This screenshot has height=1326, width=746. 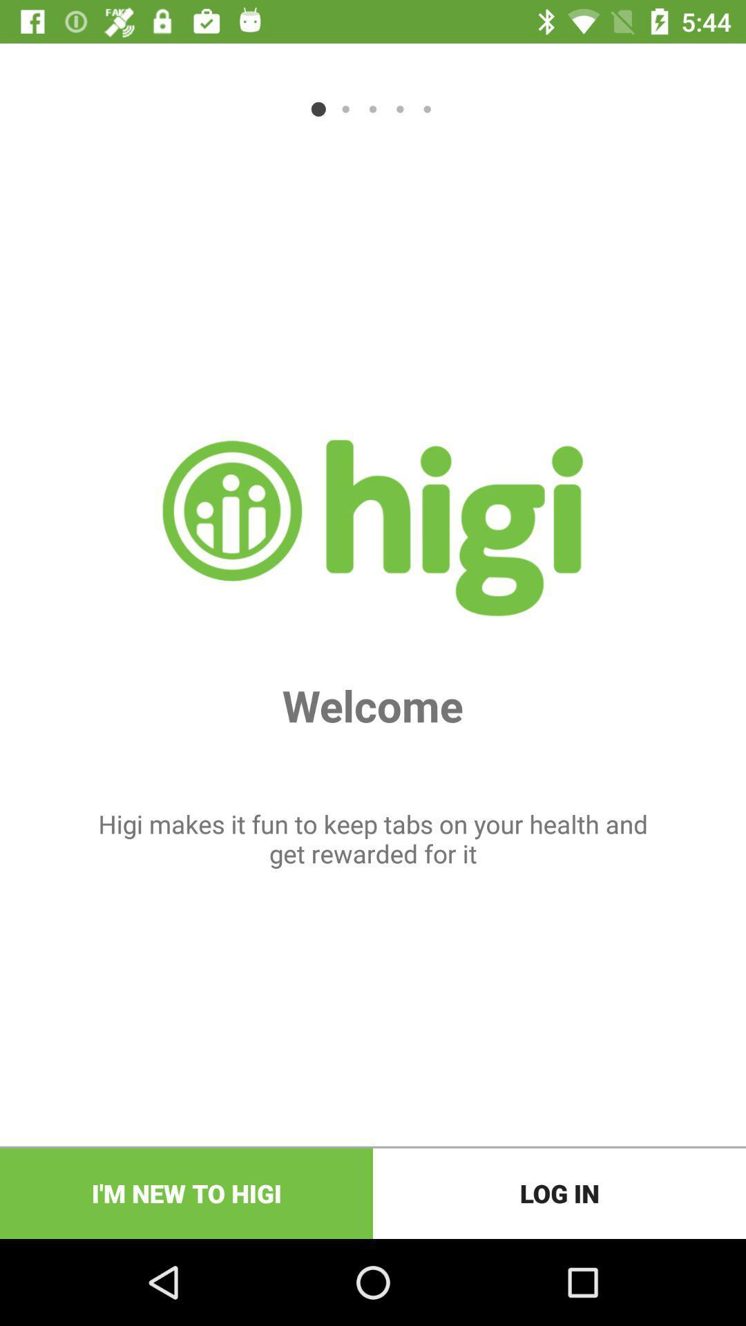 What do you see at coordinates (186, 1193) in the screenshot?
I see `the i m new at the bottom left corner` at bounding box center [186, 1193].